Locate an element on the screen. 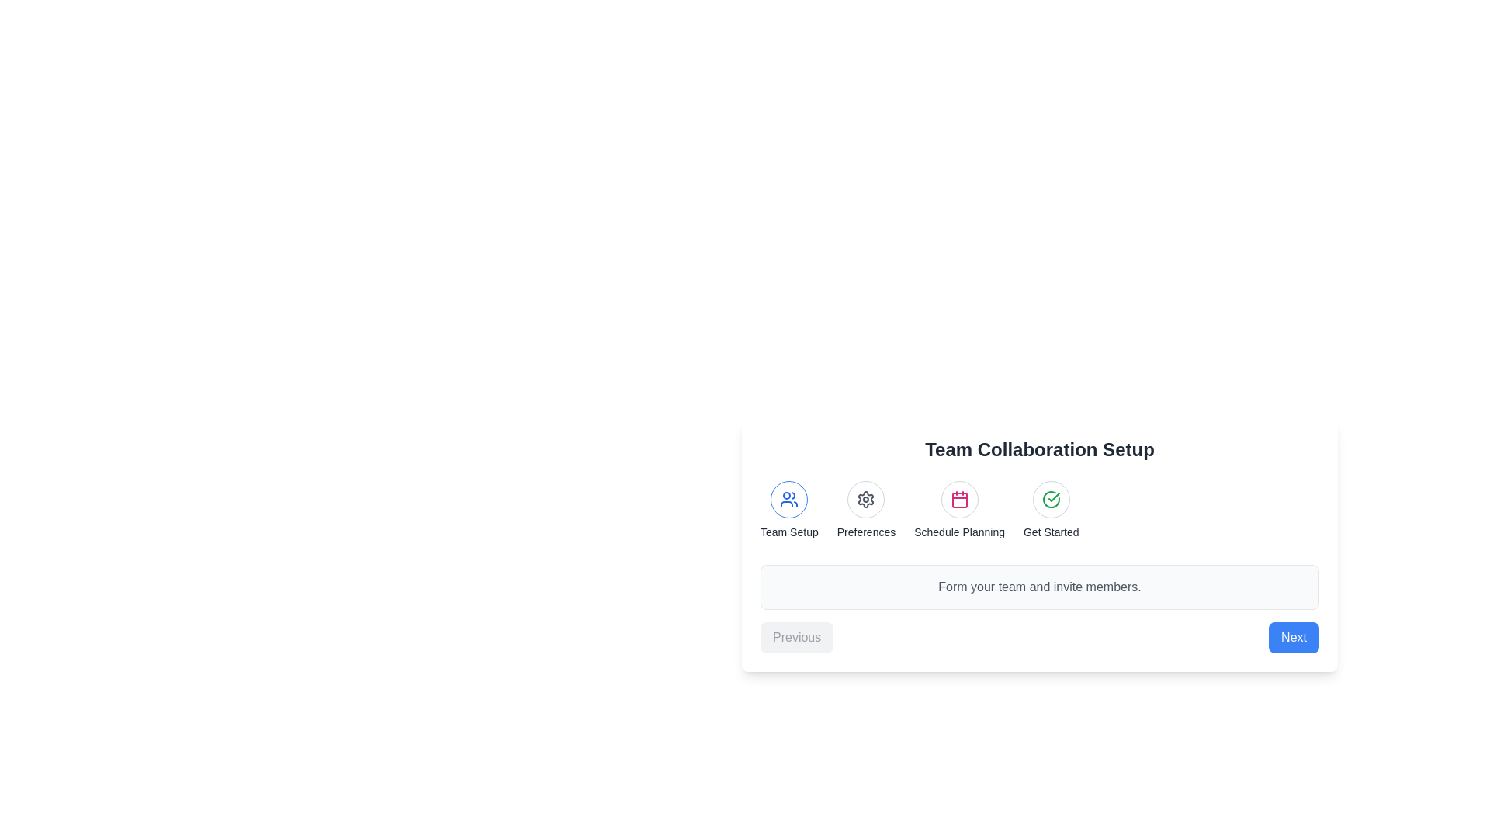 This screenshot has width=1490, height=838. the 'Preferences' text label, which is the second label from the left beneath the settings icon (gear symbol) is located at coordinates (865, 532).